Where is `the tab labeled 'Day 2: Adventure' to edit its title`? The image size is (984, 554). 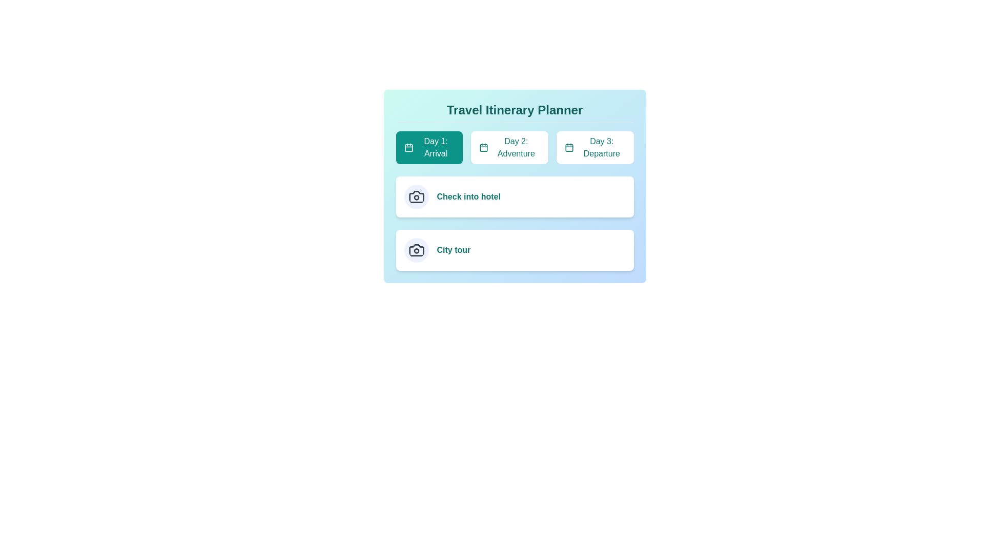
the tab labeled 'Day 2: Adventure' to edit its title is located at coordinates (509, 148).